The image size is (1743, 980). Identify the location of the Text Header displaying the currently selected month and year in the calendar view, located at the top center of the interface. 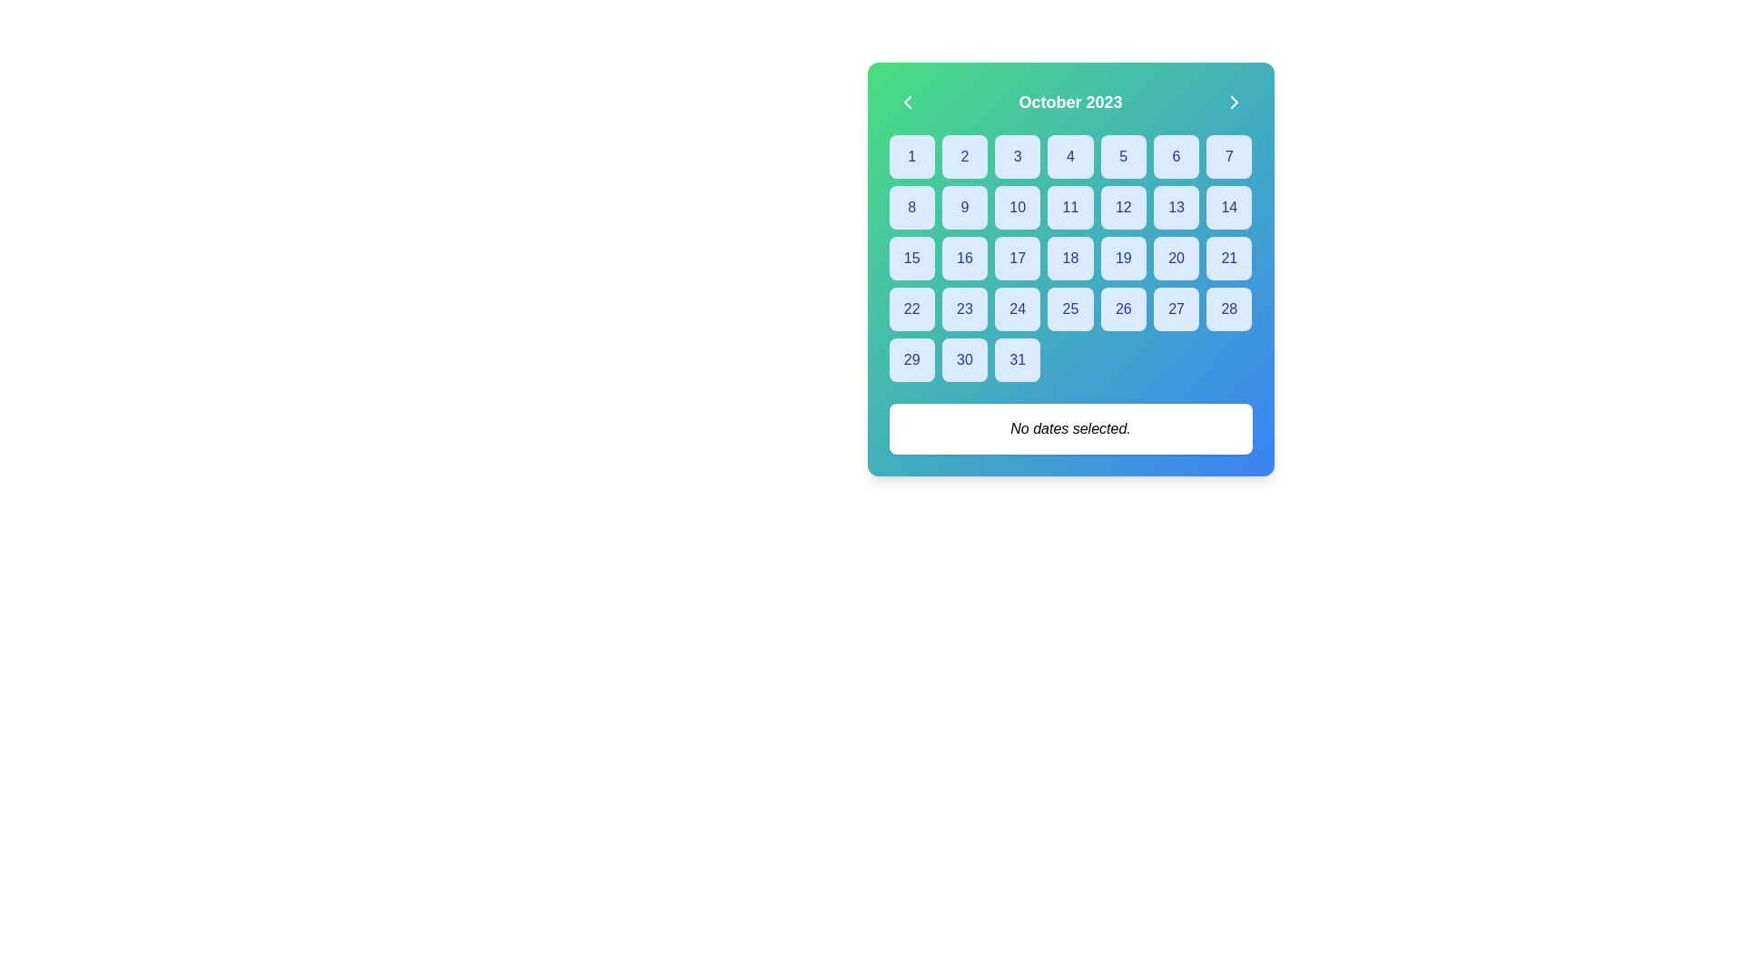
(1070, 102).